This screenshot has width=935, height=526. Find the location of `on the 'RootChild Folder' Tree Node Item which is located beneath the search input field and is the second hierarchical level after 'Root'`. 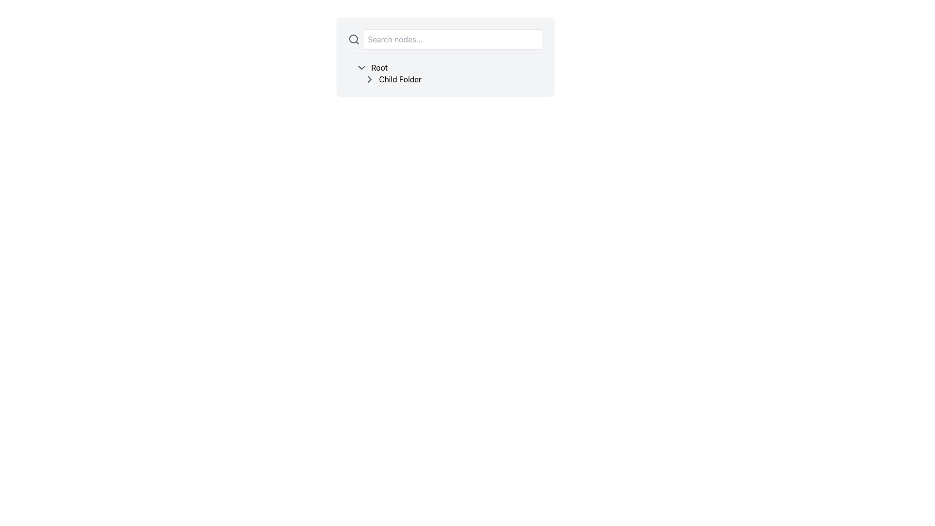

on the 'RootChild Folder' Tree Node Item which is located beneath the search input field and is the second hierarchical level after 'Root' is located at coordinates (445, 73).